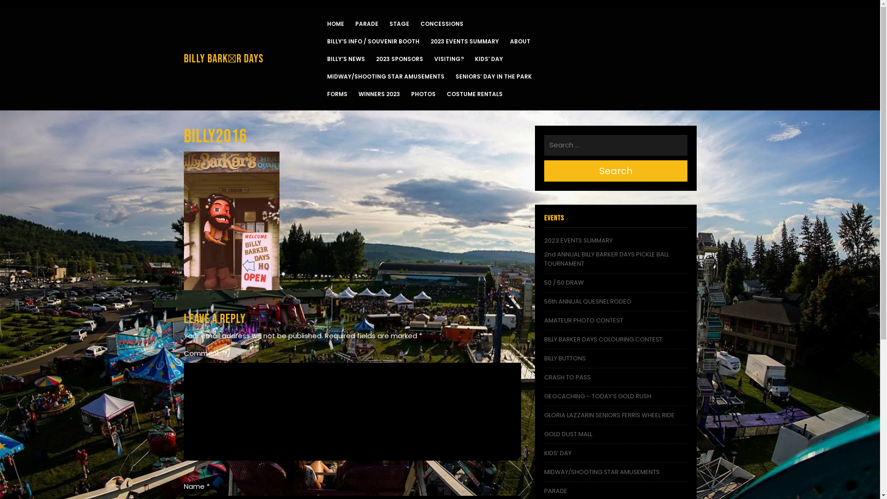  Describe the element at coordinates (399, 59) in the screenshot. I see `'2023 SPONSORS'` at that location.